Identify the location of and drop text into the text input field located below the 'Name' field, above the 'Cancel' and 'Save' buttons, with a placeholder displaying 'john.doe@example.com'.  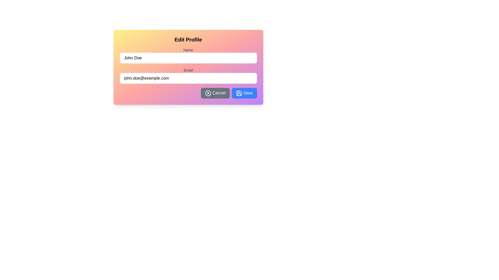
(188, 80).